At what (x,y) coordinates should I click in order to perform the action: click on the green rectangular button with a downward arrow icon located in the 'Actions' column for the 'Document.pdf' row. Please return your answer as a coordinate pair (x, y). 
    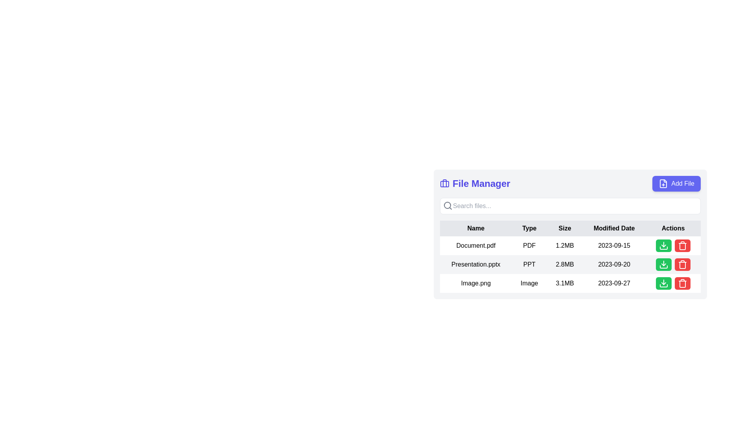
    Looking at the image, I should click on (673, 245).